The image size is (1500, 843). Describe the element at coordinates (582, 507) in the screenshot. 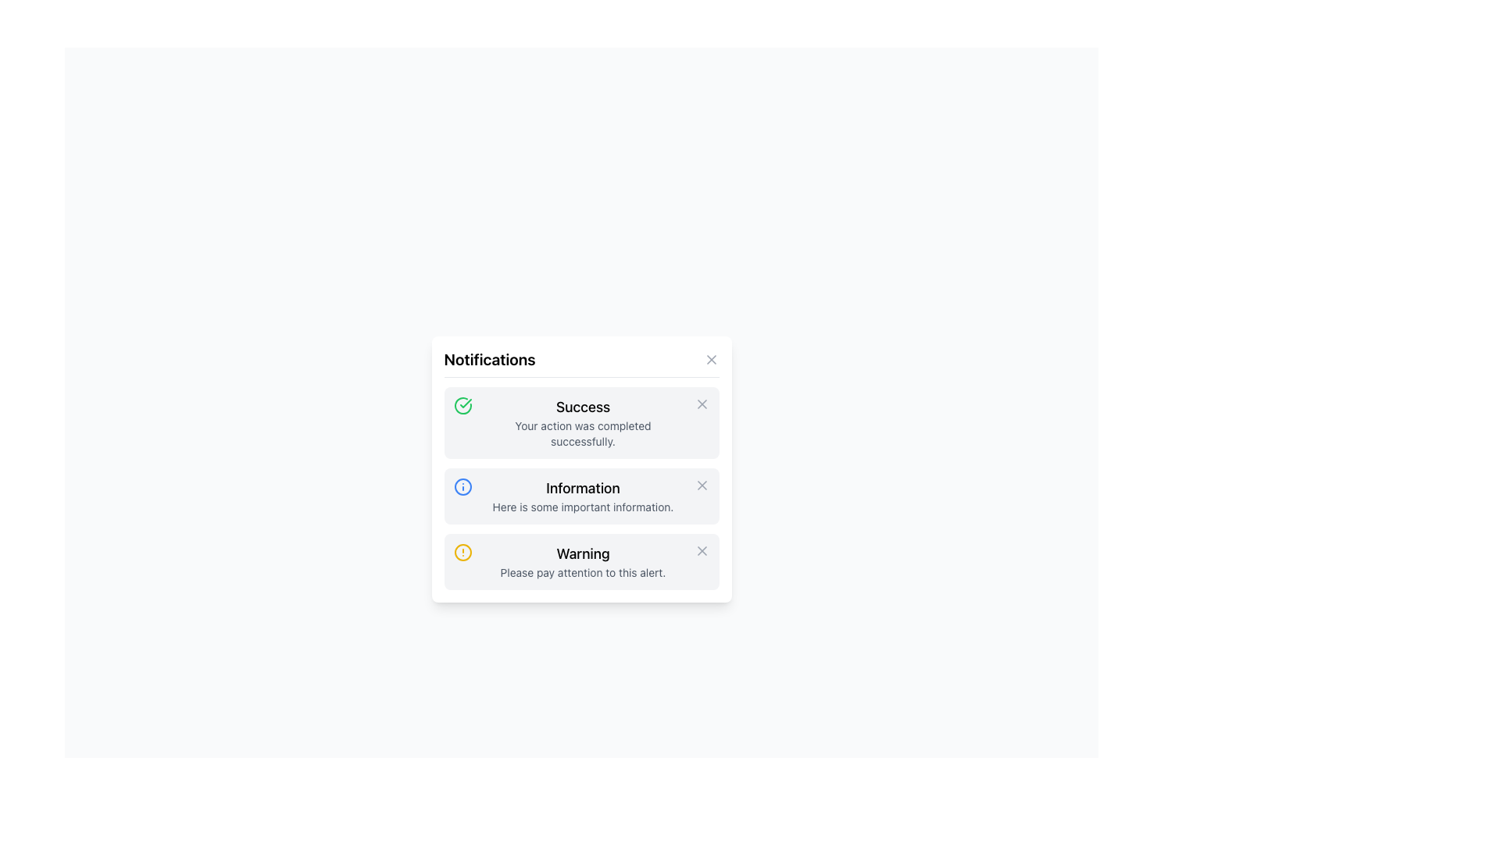

I see `text 'Here is some important information.' located in the 'Information' notification box, positioned below the bold text 'Information'` at that location.